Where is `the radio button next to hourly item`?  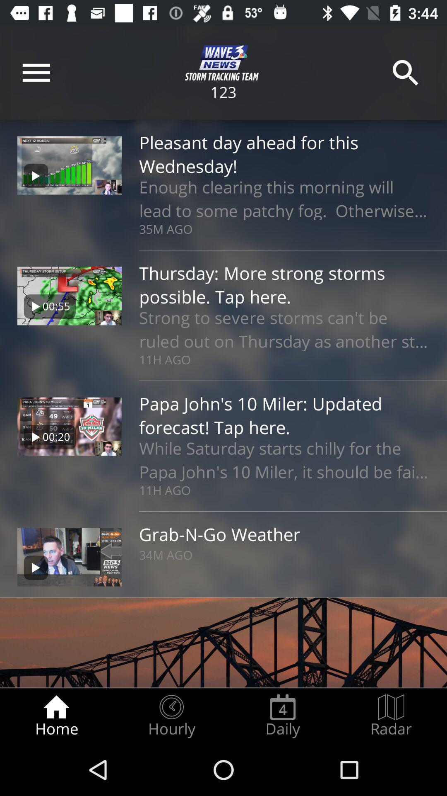
the radio button next to hourly item is located at coordinates (282, 716).